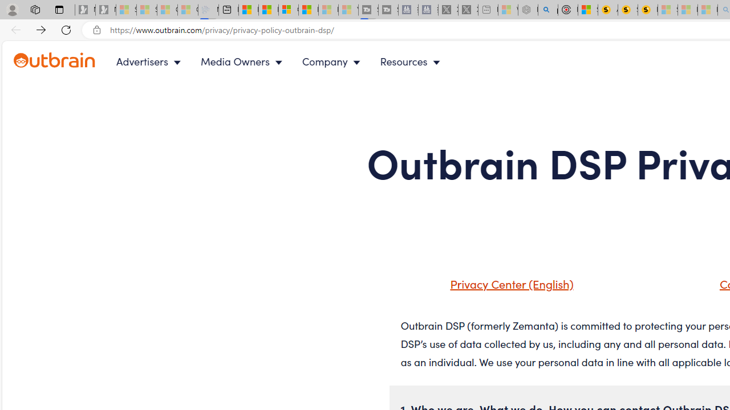  Describe the element at coordinates (41, 29) in the screenshot. I see `'Forward'` at that location.